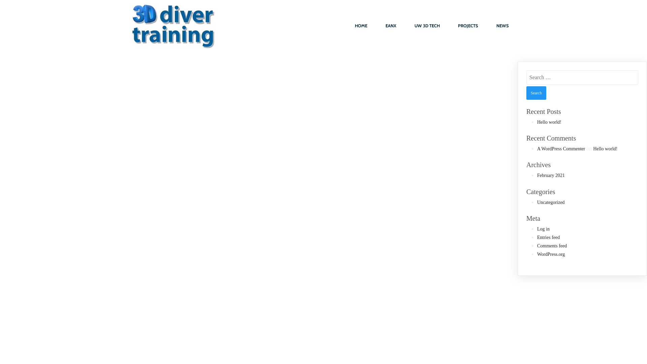  What do you see at coordinates (605, 148) in the screenshot?
I see `'Hello world!'` at bounding box center [605, 148].